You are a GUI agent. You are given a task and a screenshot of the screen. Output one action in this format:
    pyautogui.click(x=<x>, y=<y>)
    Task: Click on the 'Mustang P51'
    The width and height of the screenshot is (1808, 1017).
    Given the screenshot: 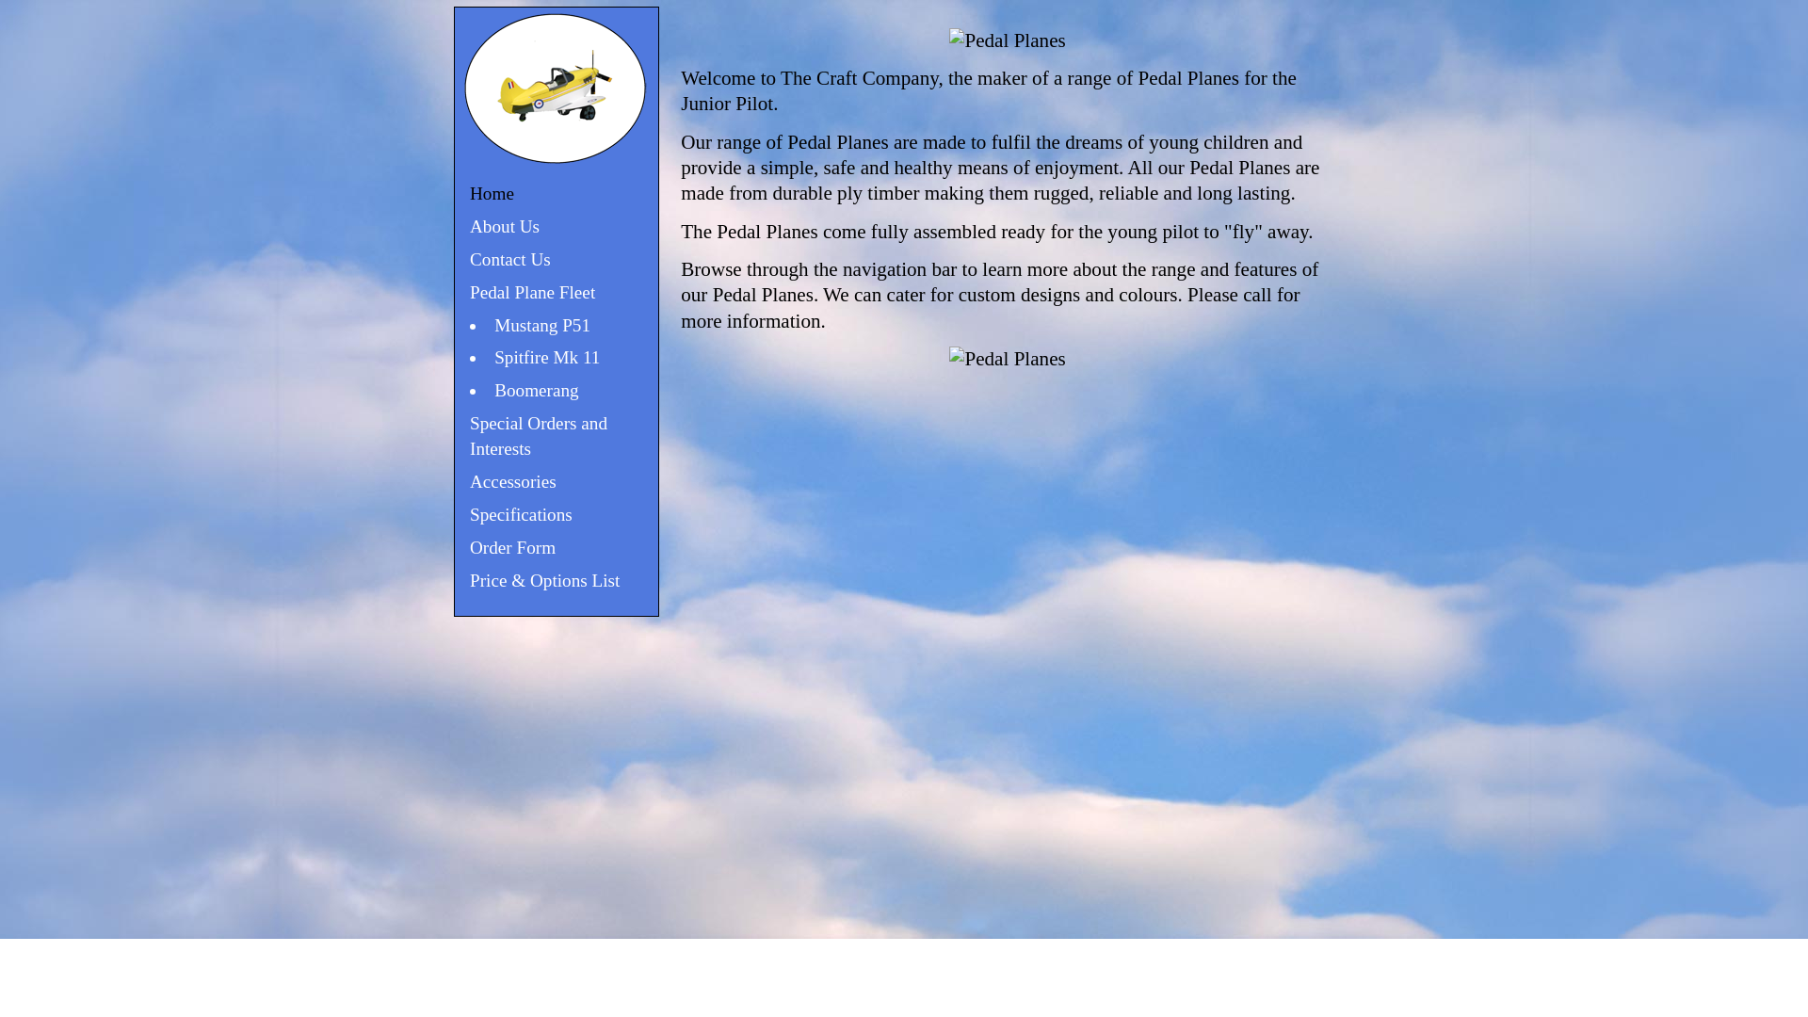 What is the action you would take?
    pyautogui.click(x=541, y=323)
    